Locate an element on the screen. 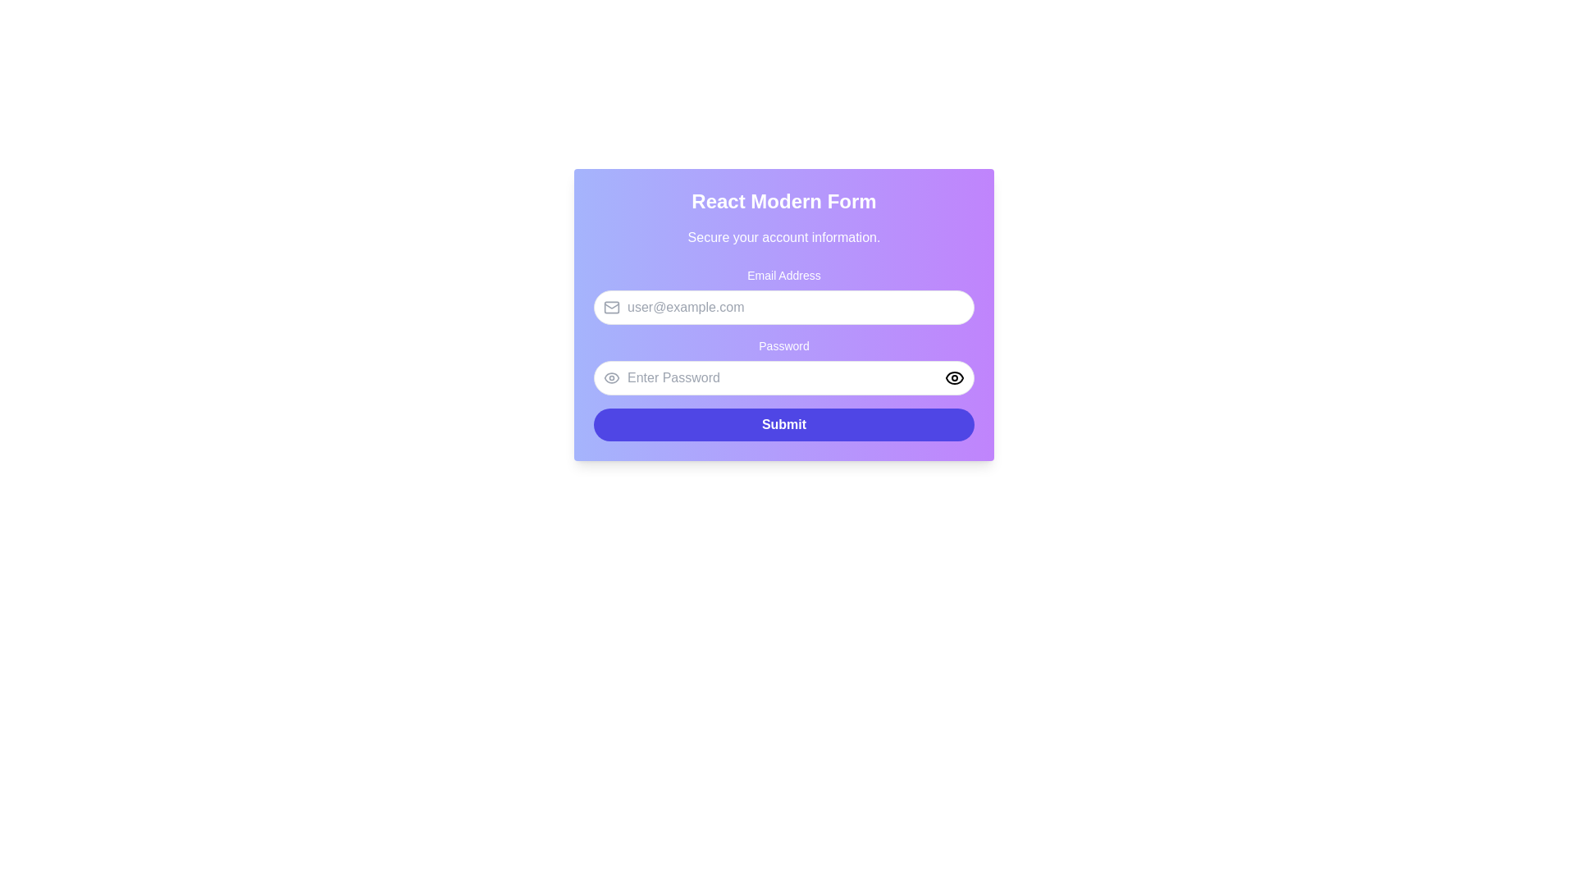 The height and width of the screenshot is (886, 1575). the email icon located in the input field labeled 'Email Address' on the left section of the input box is located at coordinates (610, 307).